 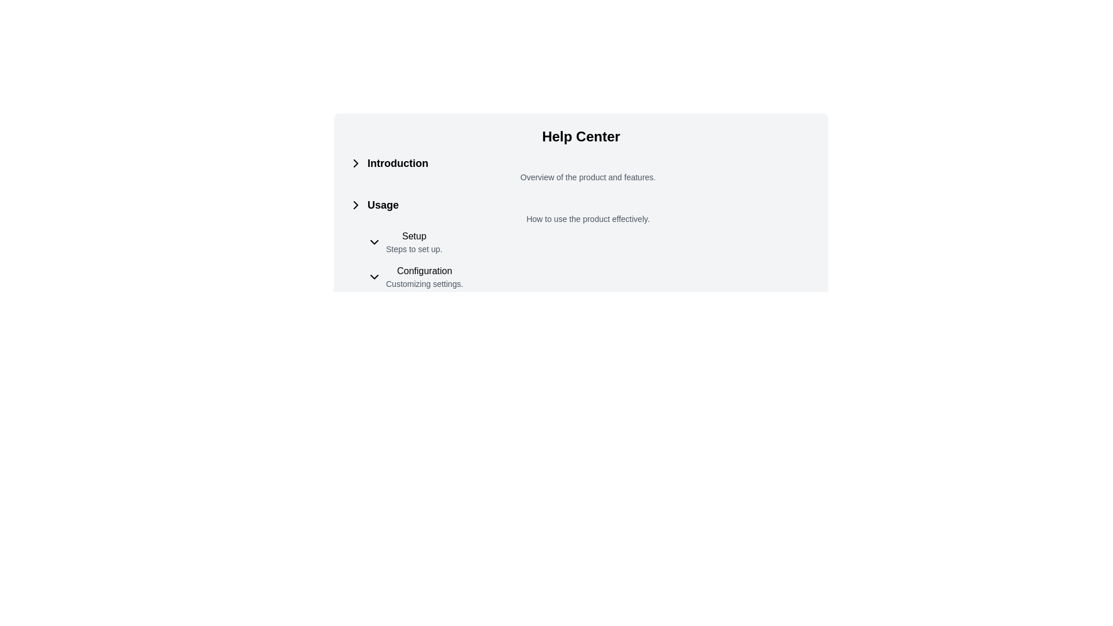 What do you see at coordinates (588, 177) in the screenshot?
I see `the Text Label that reads 'Overview of the product and features', which is located below the bold title 'Introduction'` at bounding box center [588, 177].